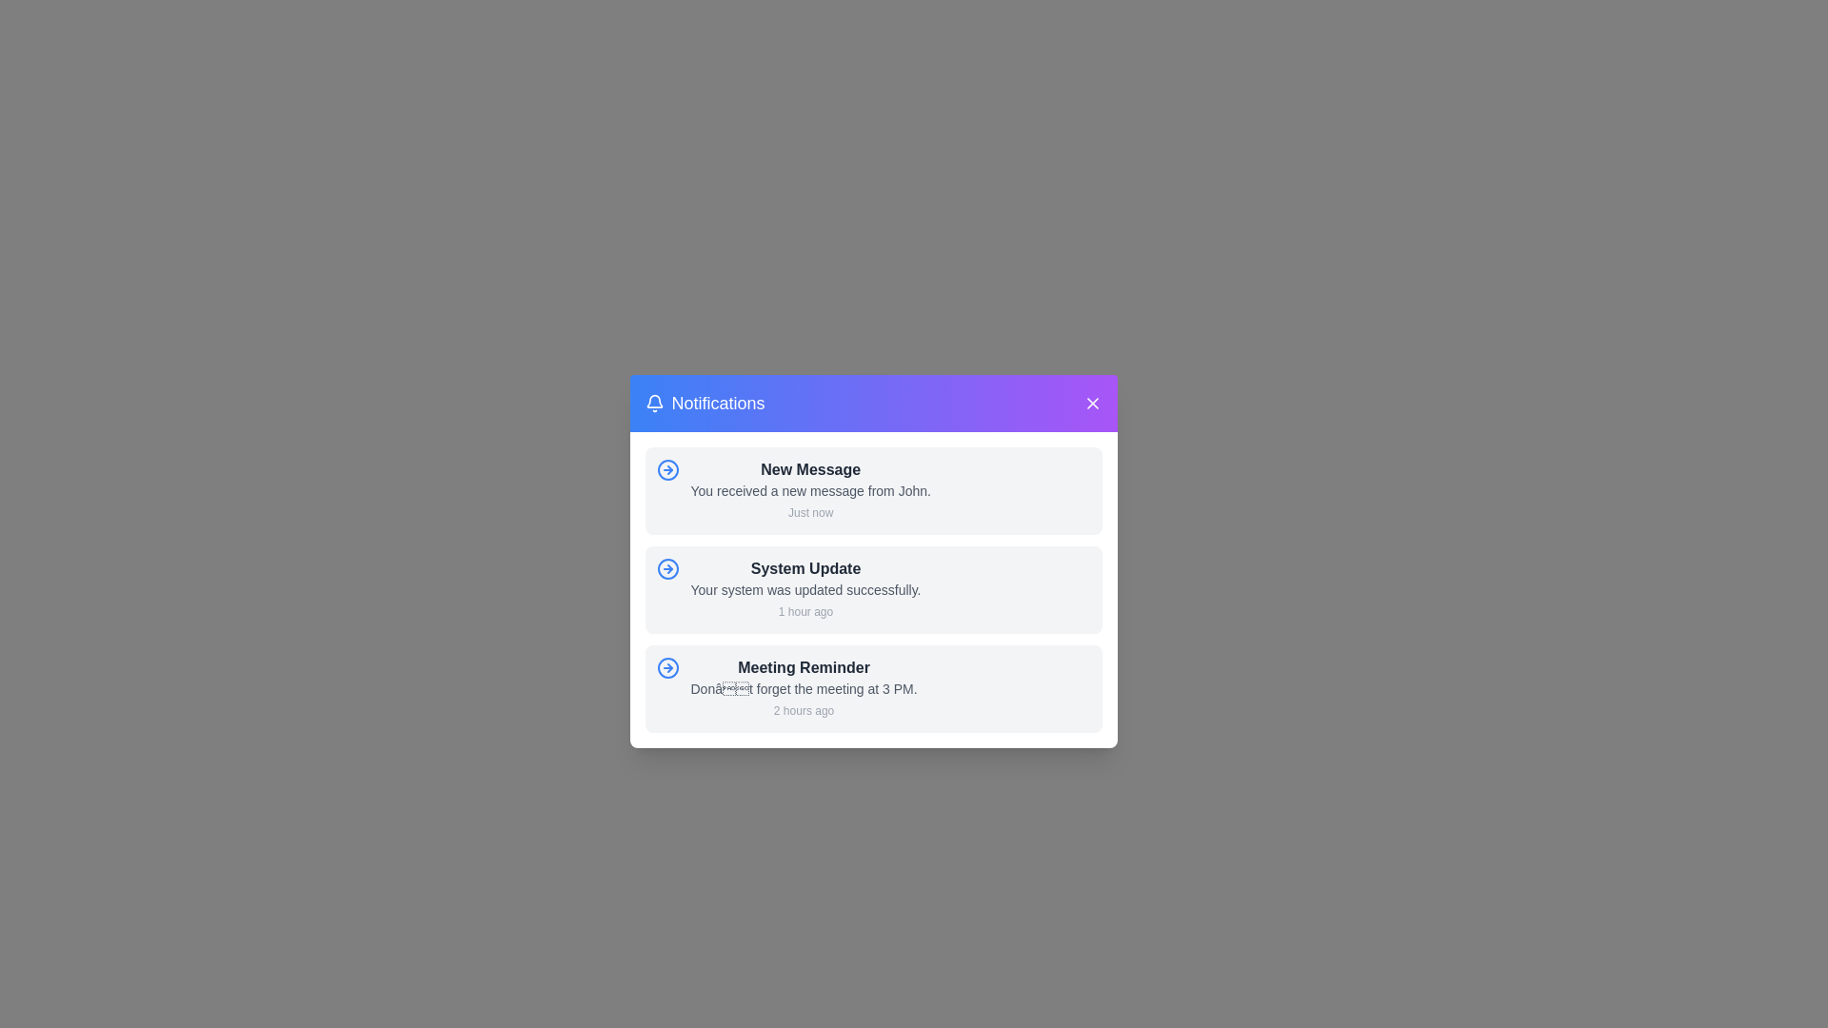 The width and height of the screenshot is (1828, 1028). I want to click on the title Text Label of the notification popup, which is positioned slightly right of center at the top of the popup and next to a bell icon, so click(717, 403).